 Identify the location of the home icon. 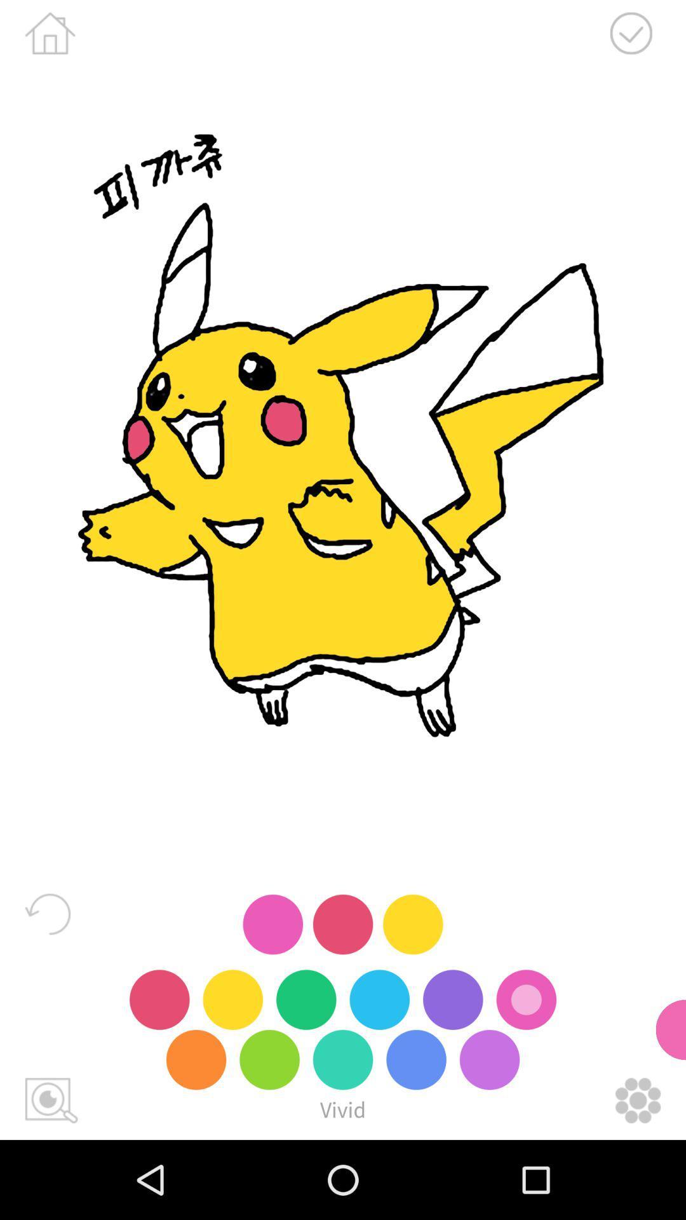
(50, 33).